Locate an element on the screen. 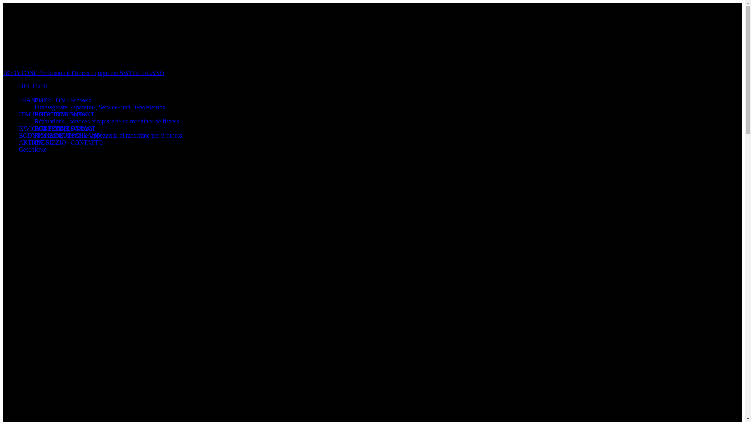 The image size is (751, 422). 'BODYTONE Suisse' is located at coordinates (34, 114).